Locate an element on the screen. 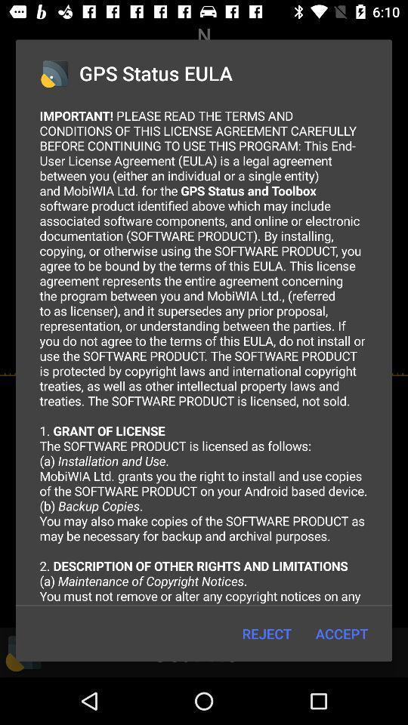 The width and height of the screenshot is (408, 725). the accept item is located at coordinates (342, 634).